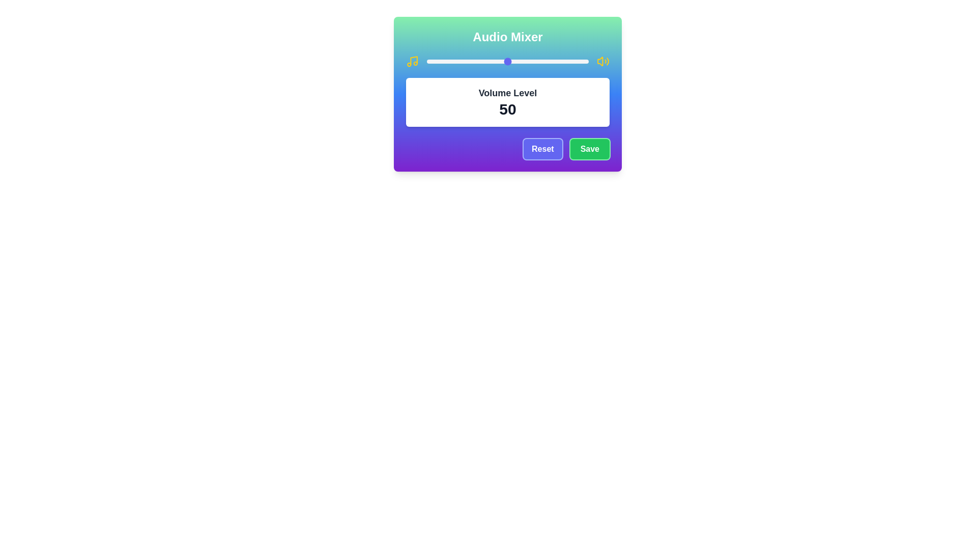 The image size is (977, 550). What do you see at coordinates (508, 93) in the screenshot?
I see `the text element that indicates 'Volume Level', which is positioned above the numeric value '50' within a white rectangular card` at bounding box center [508, 93].